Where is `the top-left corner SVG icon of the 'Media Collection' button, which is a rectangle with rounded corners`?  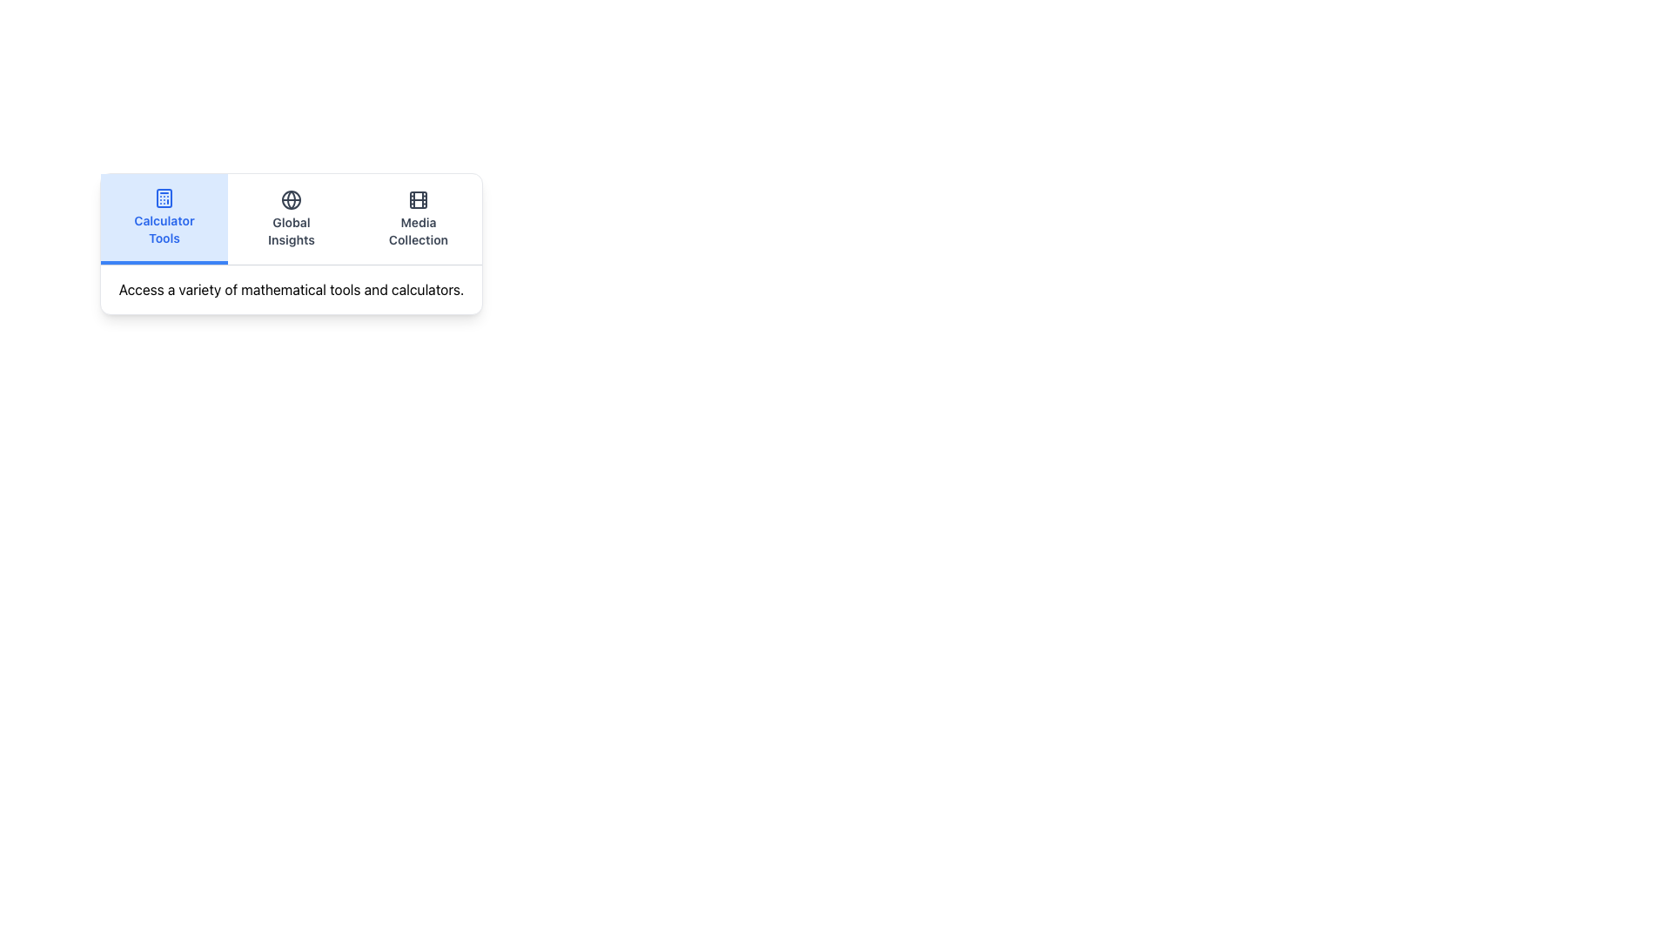
the top-left corner SVG icon of the 'Media Collection' button, which is a rectangle with rounded corners is located at coordinates (418, 199).